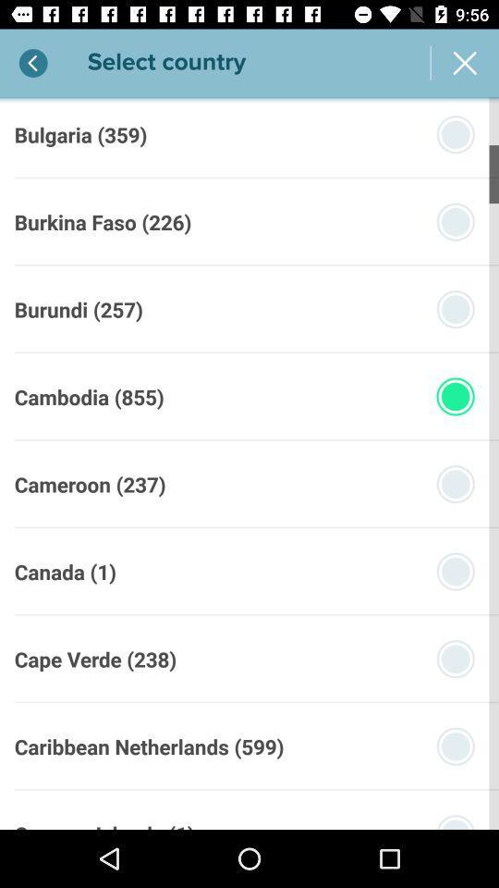 This screenshot has width=499, height=888. I want to click on cameroon (237) icon, so click(89, 483).